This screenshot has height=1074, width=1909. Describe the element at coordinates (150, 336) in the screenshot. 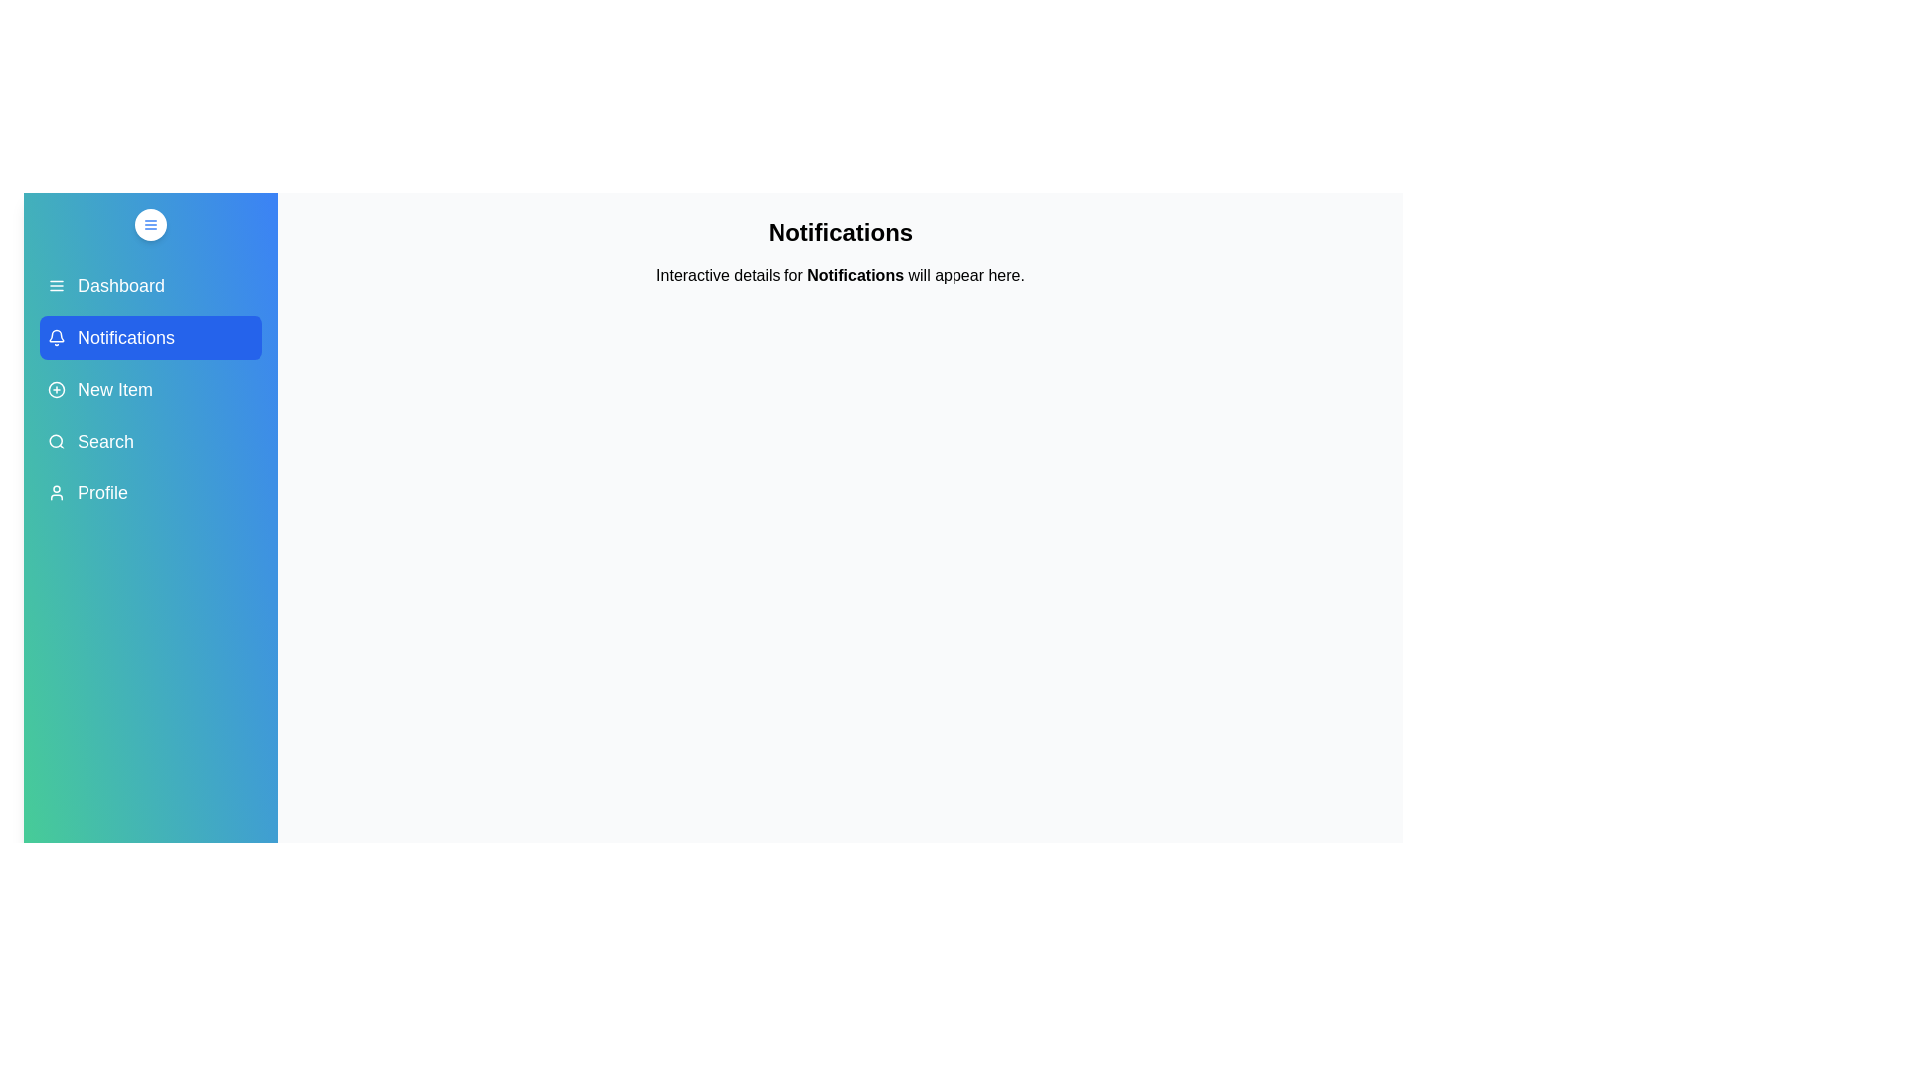

I see `the menu item Notifications to view its hover effect` at that location.